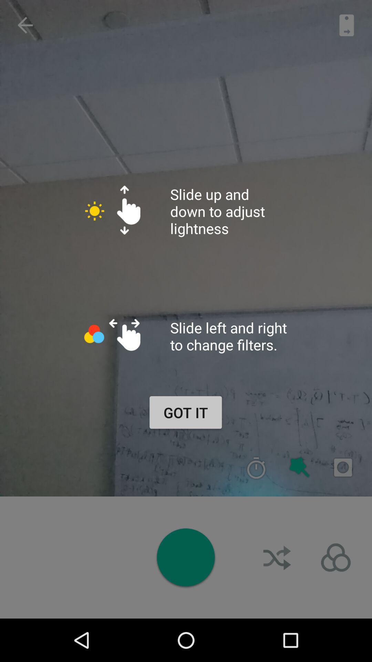 The height and width of the screenshot is (662, 372). What do you see at coordinates (25, 25) in the screenshot?
I see `the arrow_backward icon` at bounding box center [25, 25].